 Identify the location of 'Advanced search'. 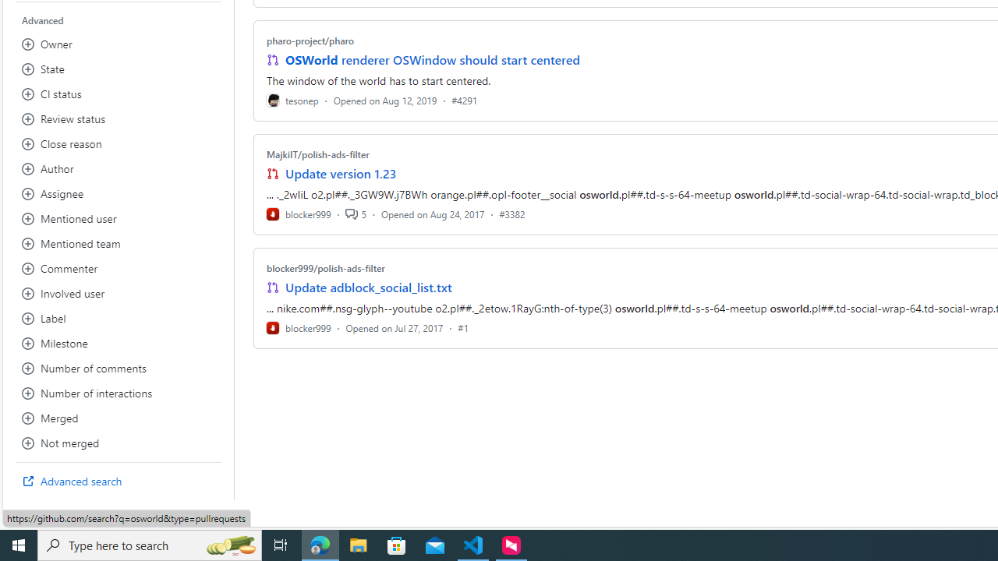
(118, 481).